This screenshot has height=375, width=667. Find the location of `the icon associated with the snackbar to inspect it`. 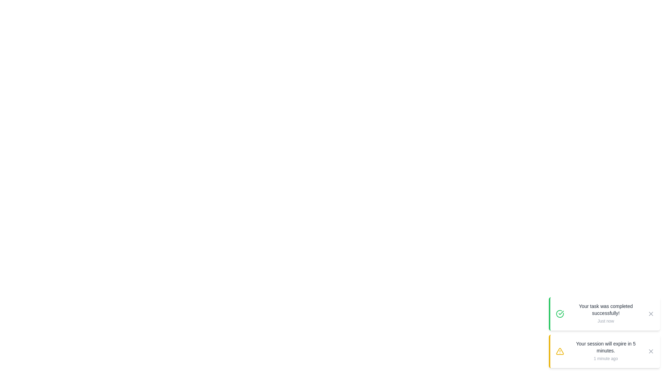

the icon associated with the snackbar to inspect it is located at coordinates (560, 314).